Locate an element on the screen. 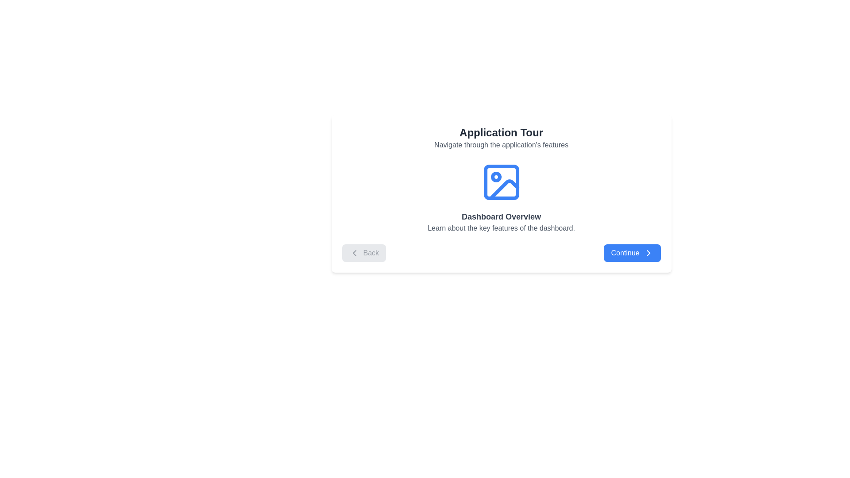 Image resolution: width=850 pixels, height=478 pixels. the decorative rectangle with rounded corners that is centered above the text 'Dashboard Overview' in the main interface panel is located at coordinates (501, 182).